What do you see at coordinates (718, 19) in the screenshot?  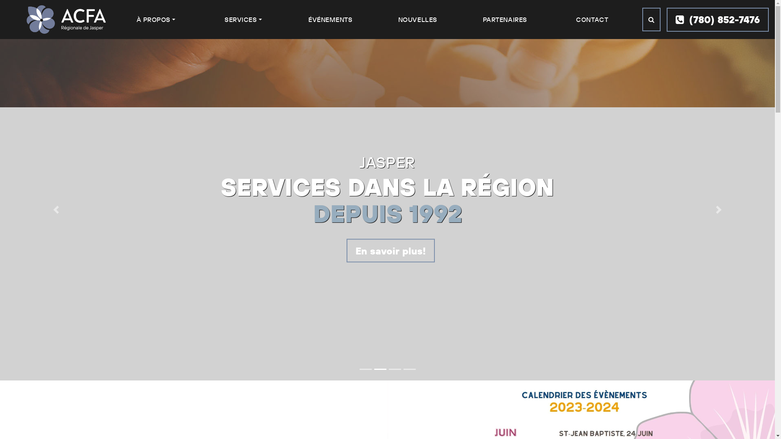 I see `'(780) 852-7476'` at bounding box center [718, 19].